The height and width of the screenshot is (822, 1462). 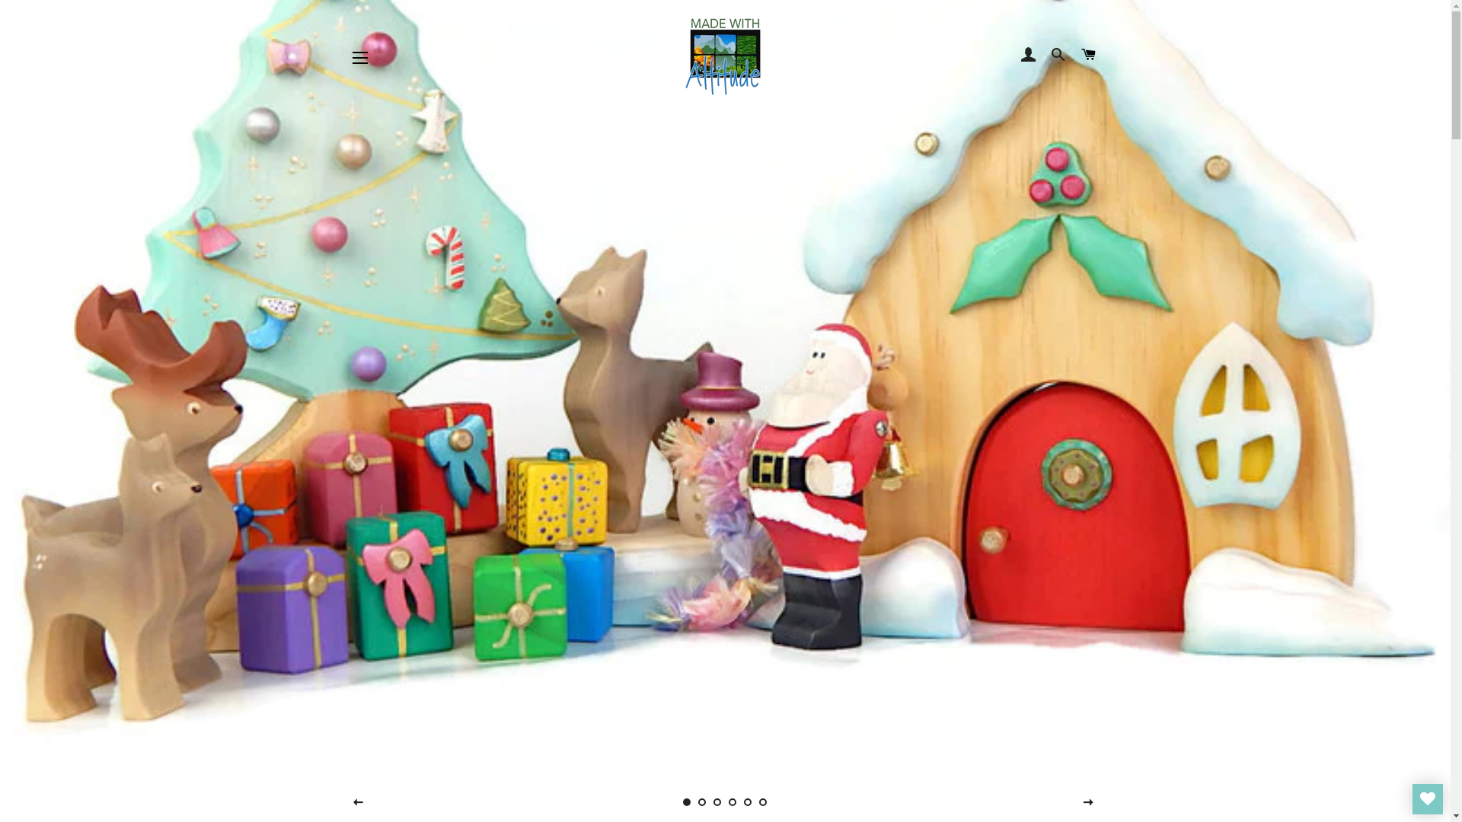 What do you see at coordinates (1411, 798) in the screenshot?
I see `'MY WISHLIST'` at bounding box center [1411, 798].